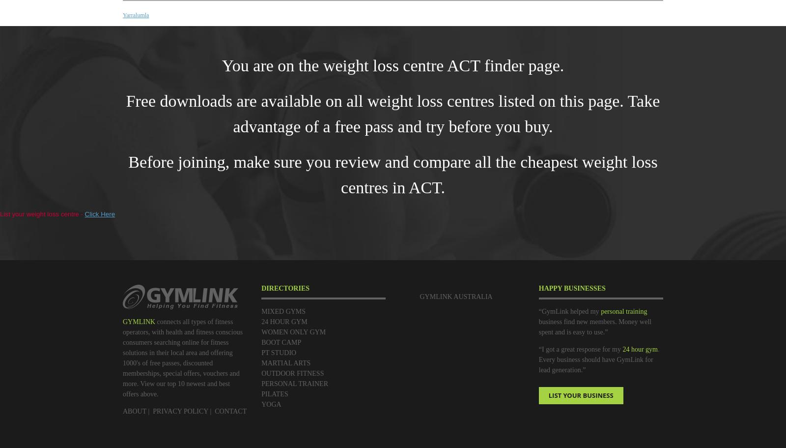  I want to click on 'Outdoor Fitness', so click(292, 373).